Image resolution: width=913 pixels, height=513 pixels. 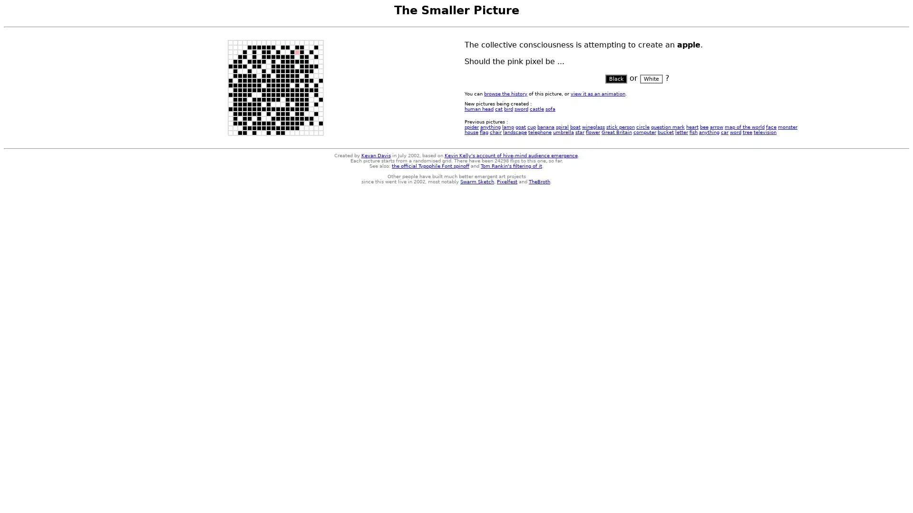 I want to click on Black, so click(x=616, y=78).